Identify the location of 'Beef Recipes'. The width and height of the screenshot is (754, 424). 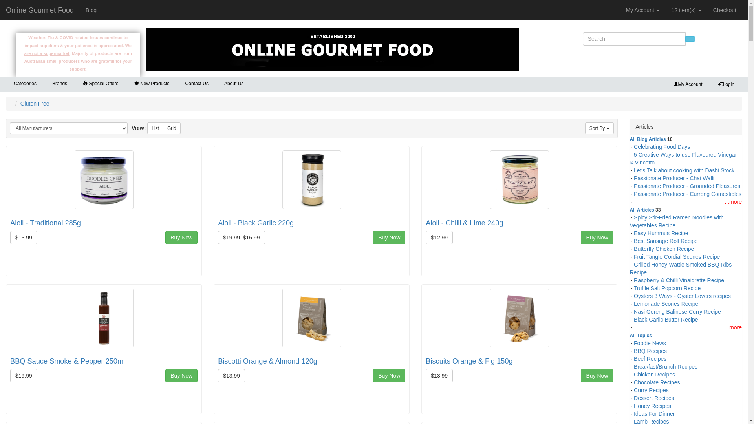
(633, 358).